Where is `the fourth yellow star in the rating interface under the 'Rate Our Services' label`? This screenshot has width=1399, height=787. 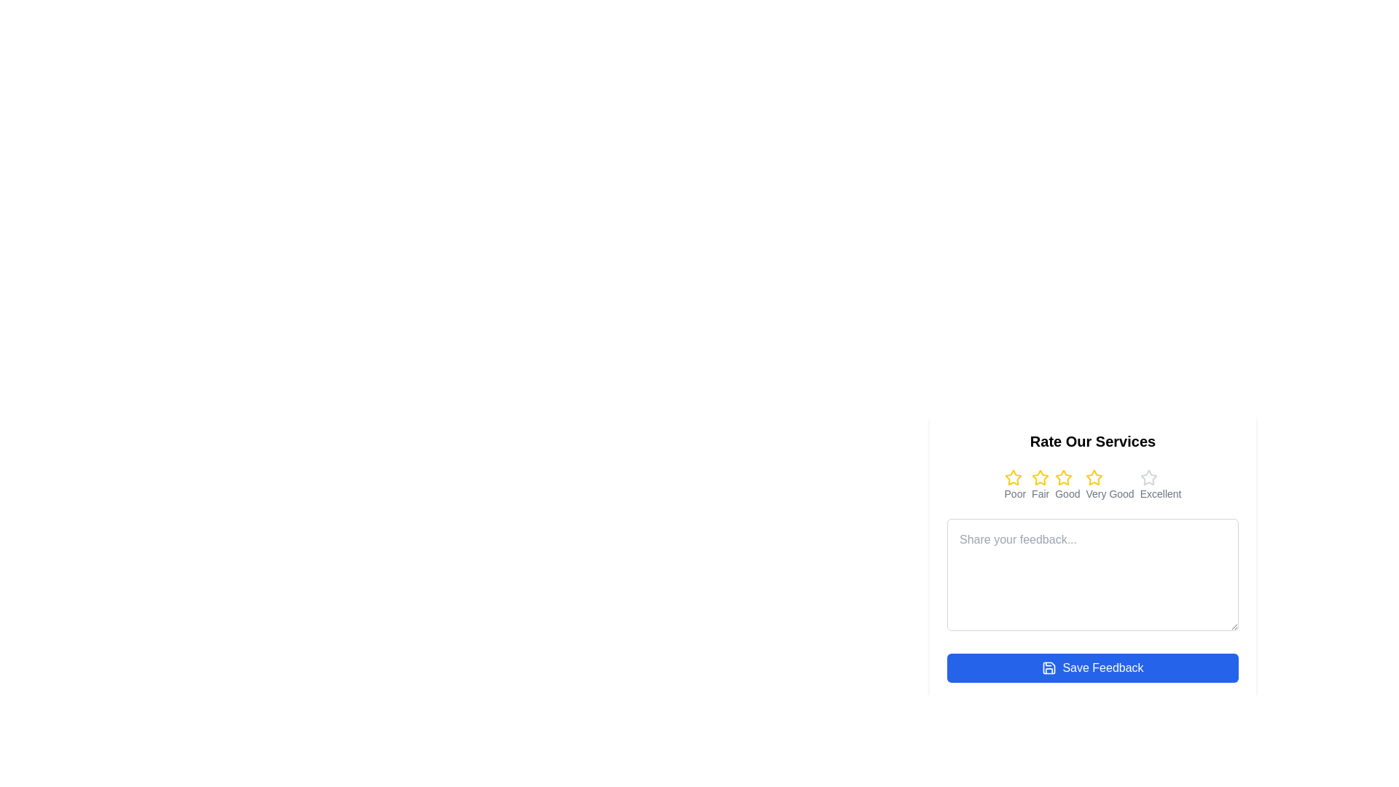 the fourth yellow star in the rating interface under the 'Rate Our Services' label is located at coordinates (1094, 477).